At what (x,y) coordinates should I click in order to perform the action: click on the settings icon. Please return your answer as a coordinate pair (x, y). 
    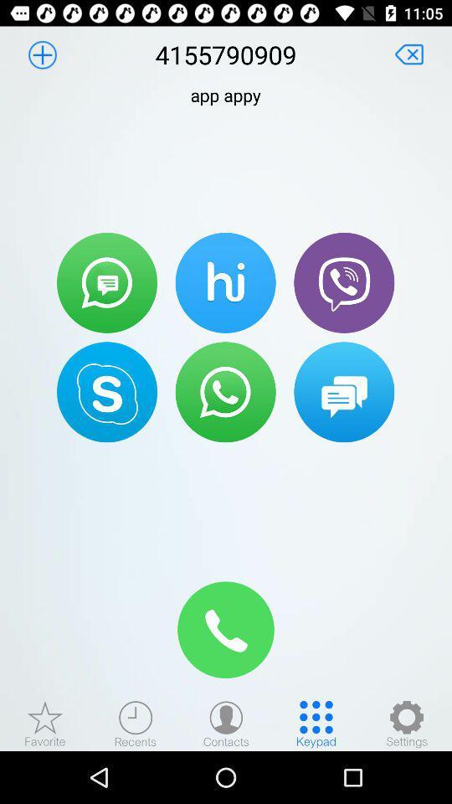
    Looking at the image, I should click on (406, 723).